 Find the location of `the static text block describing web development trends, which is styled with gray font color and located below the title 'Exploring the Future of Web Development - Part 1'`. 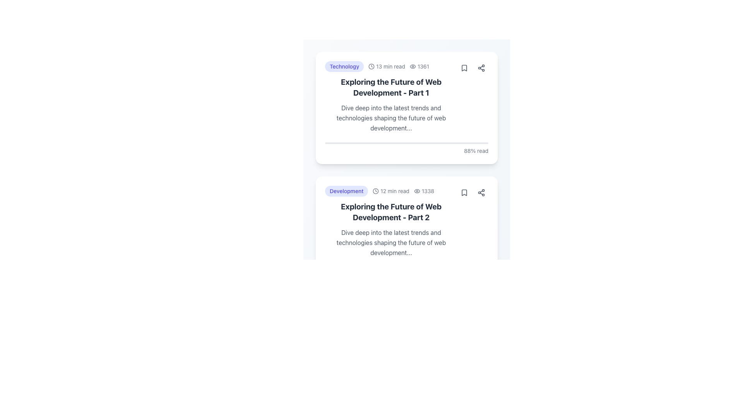

the static text block describing web development trends, which is styled with gray font color and located below the title 'Exploring the Future of Web Development - Part 1' is located at coordinates (391, 118).